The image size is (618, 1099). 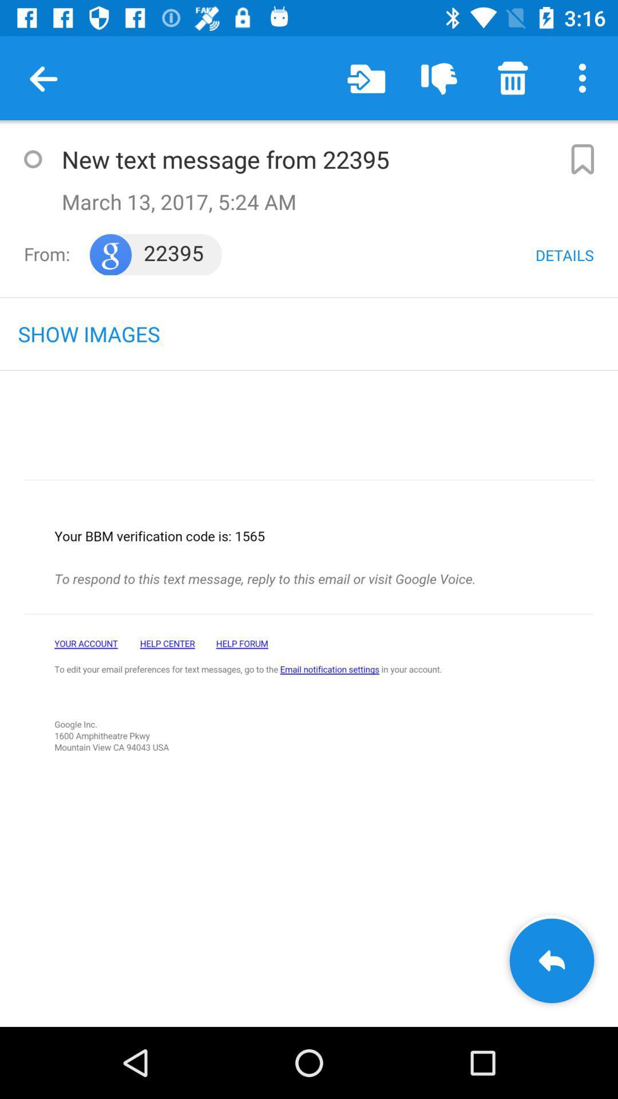 What do you see at coordinates (582, 159) in the screenshot?
I see `bookmark` at bounding box center [582, 159].